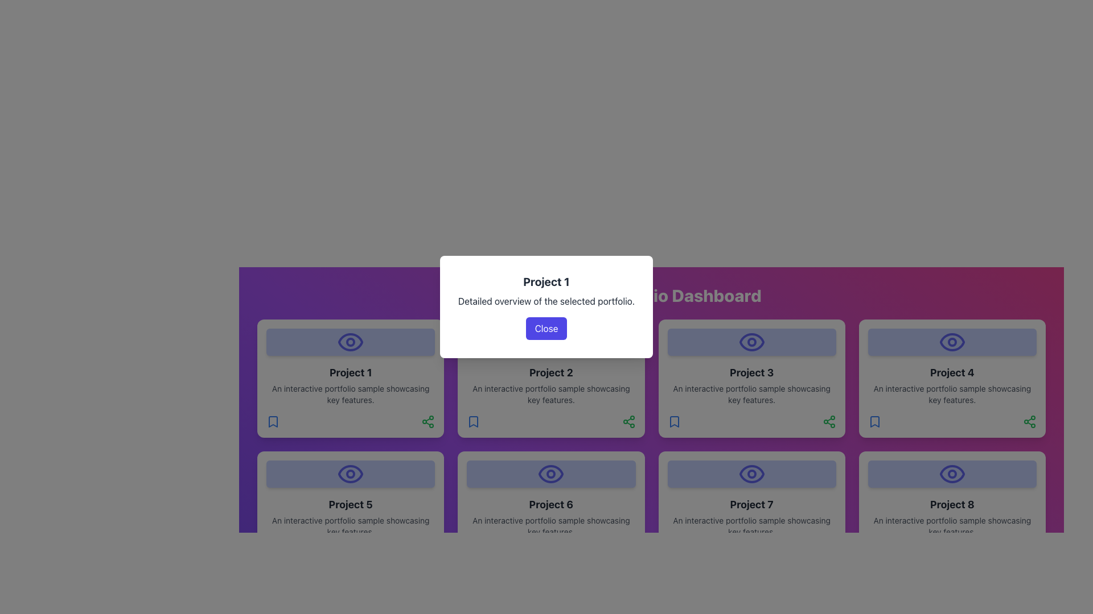 The image size is (1093, 614). What do you see at coordinates (546, 300) in the screenshot?
I see `the static text label displaying 'Detailed overview of the selected portfolio', which is located below the heading 'Project 1' and above the 'Close' button` at bounding box center [546, 300].